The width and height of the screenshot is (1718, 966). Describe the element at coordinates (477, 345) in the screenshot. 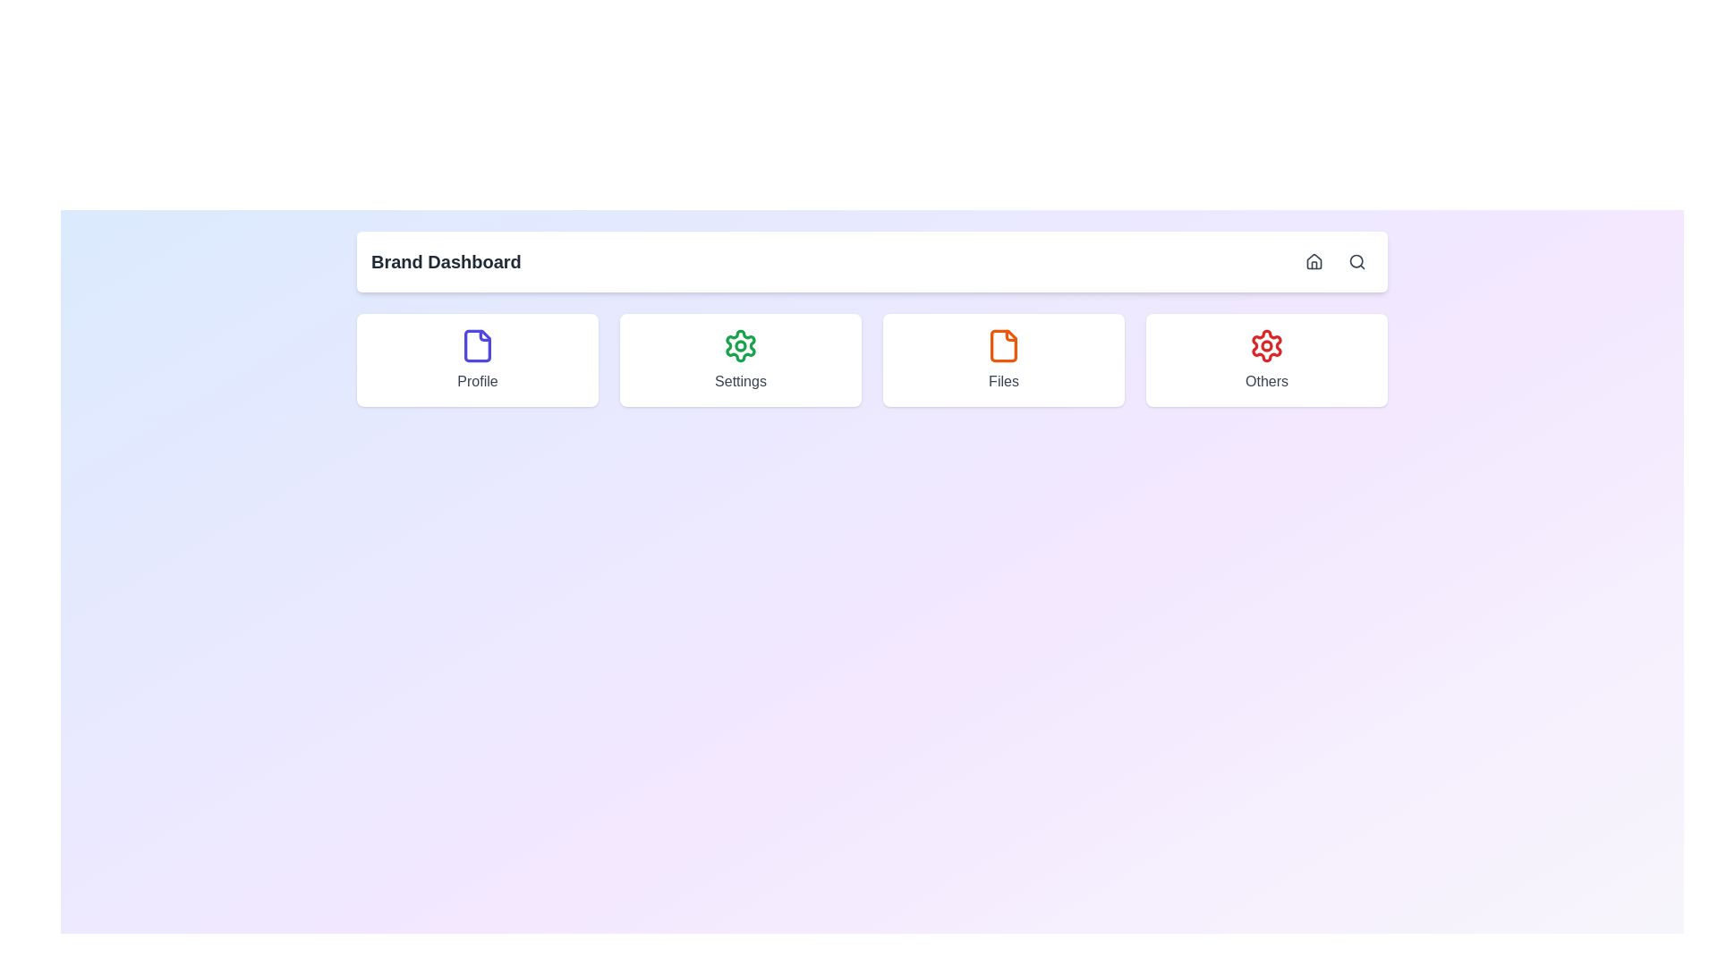

I see `the Profile icon located under the 'Brand Dashboard' heading to identify its associated section` at that location.